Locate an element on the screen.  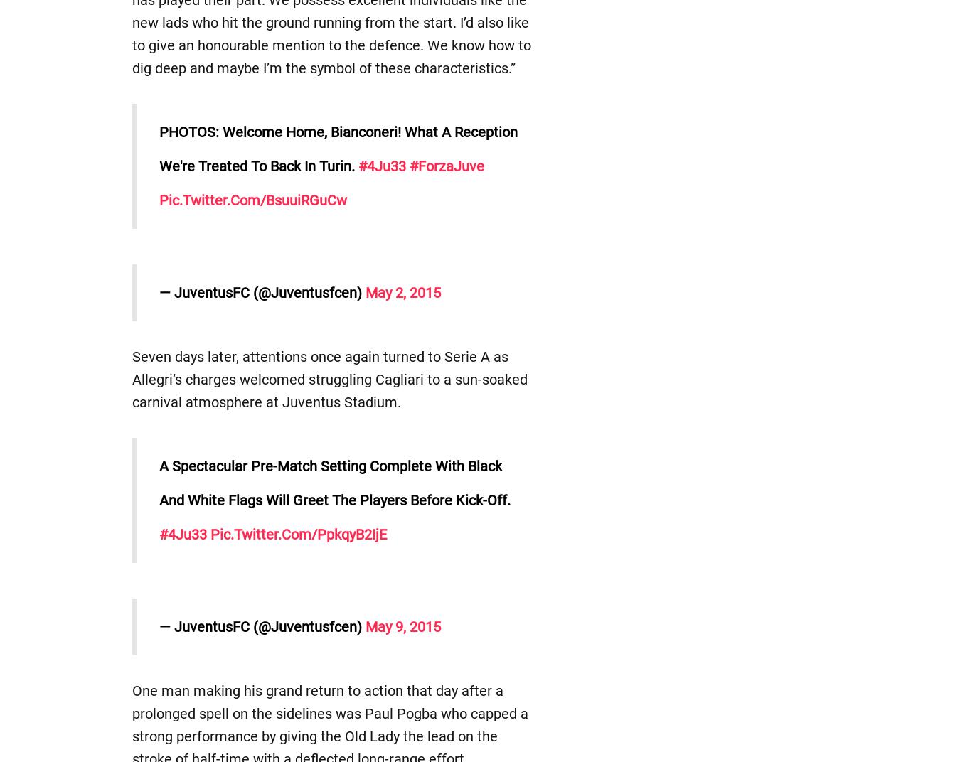
'pic.twitter.com/BsuuiRGuCw' is located at coordinates (252, 200).